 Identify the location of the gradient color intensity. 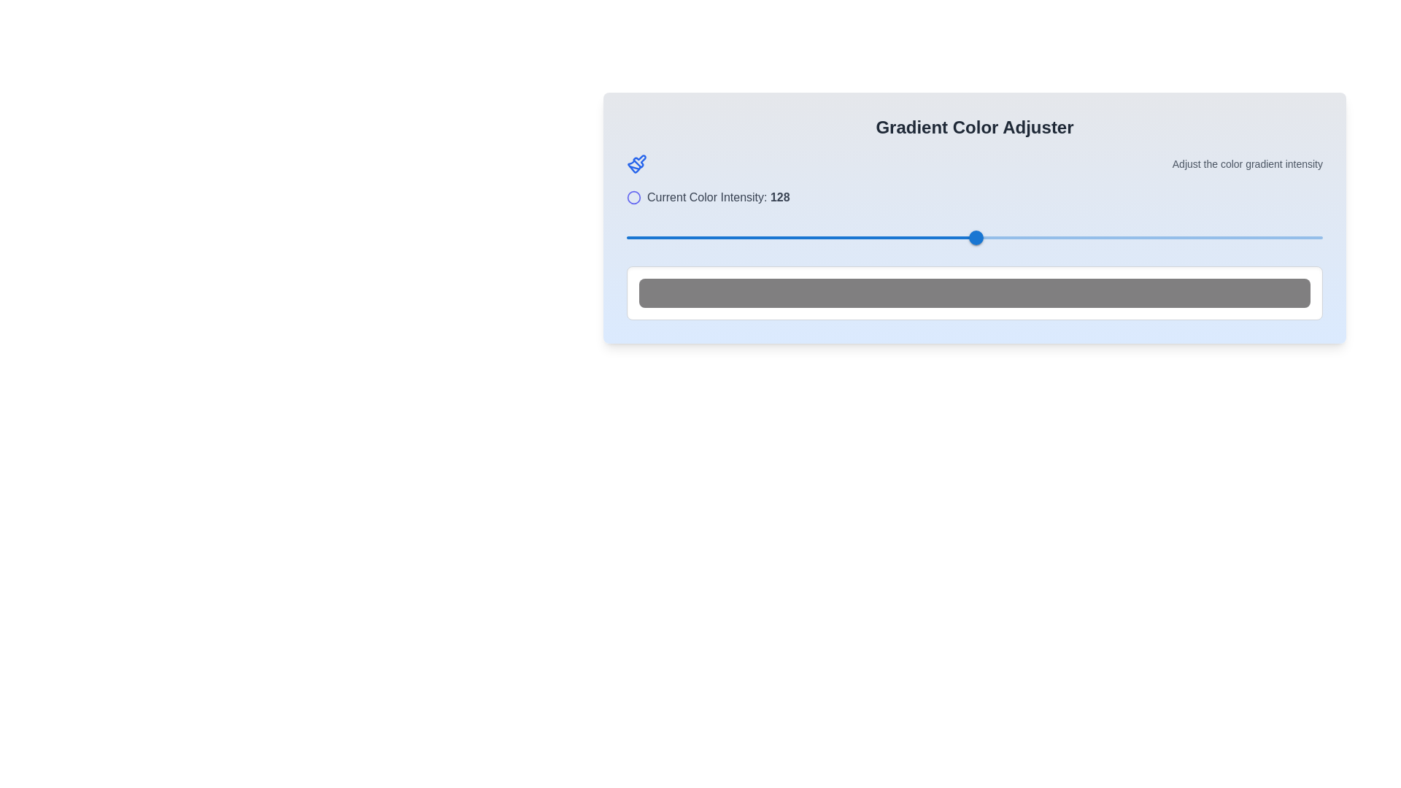
(827, 237).